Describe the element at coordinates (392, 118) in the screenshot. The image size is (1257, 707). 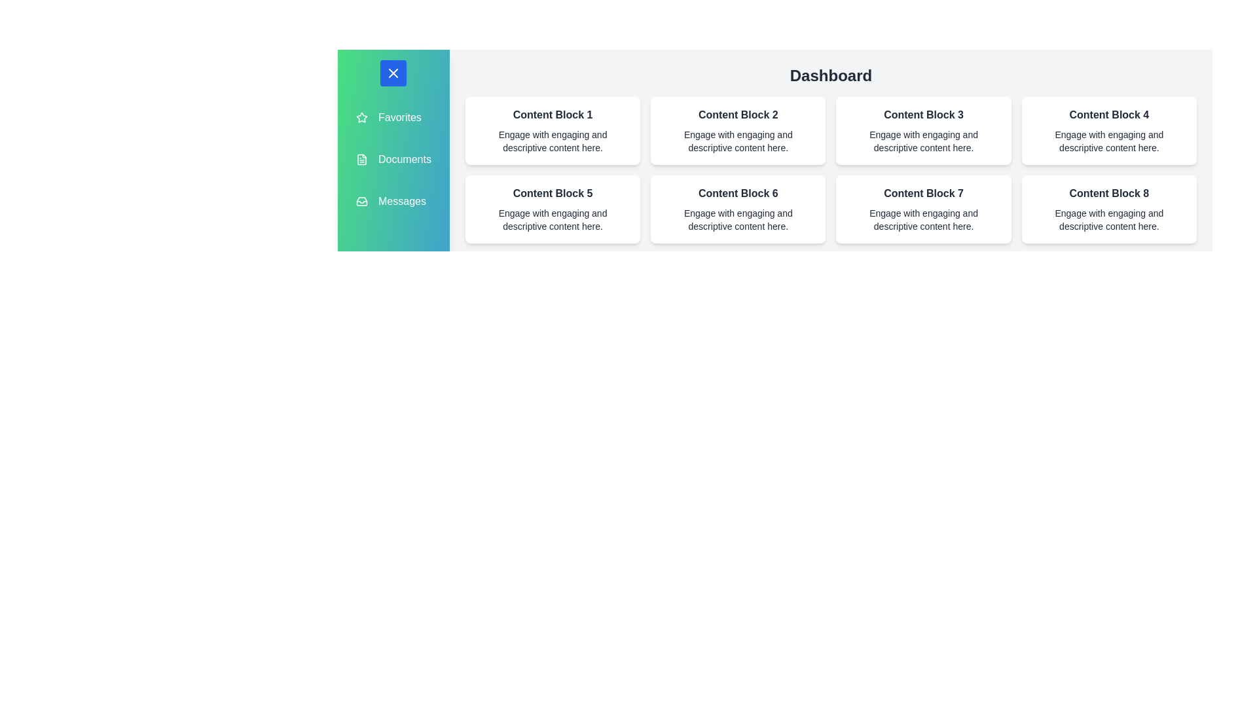
I see `the menu item Favorites from the sidebar` at that location.